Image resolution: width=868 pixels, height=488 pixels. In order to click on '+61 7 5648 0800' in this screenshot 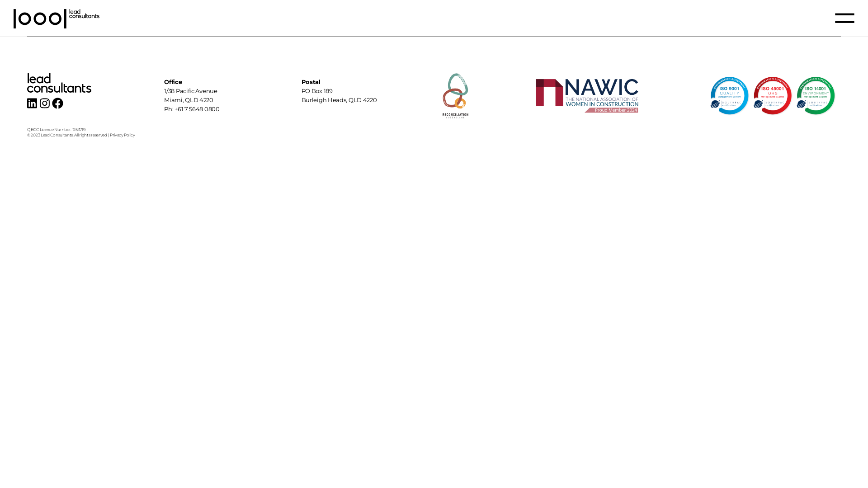, I will do `click(197, 108)`.